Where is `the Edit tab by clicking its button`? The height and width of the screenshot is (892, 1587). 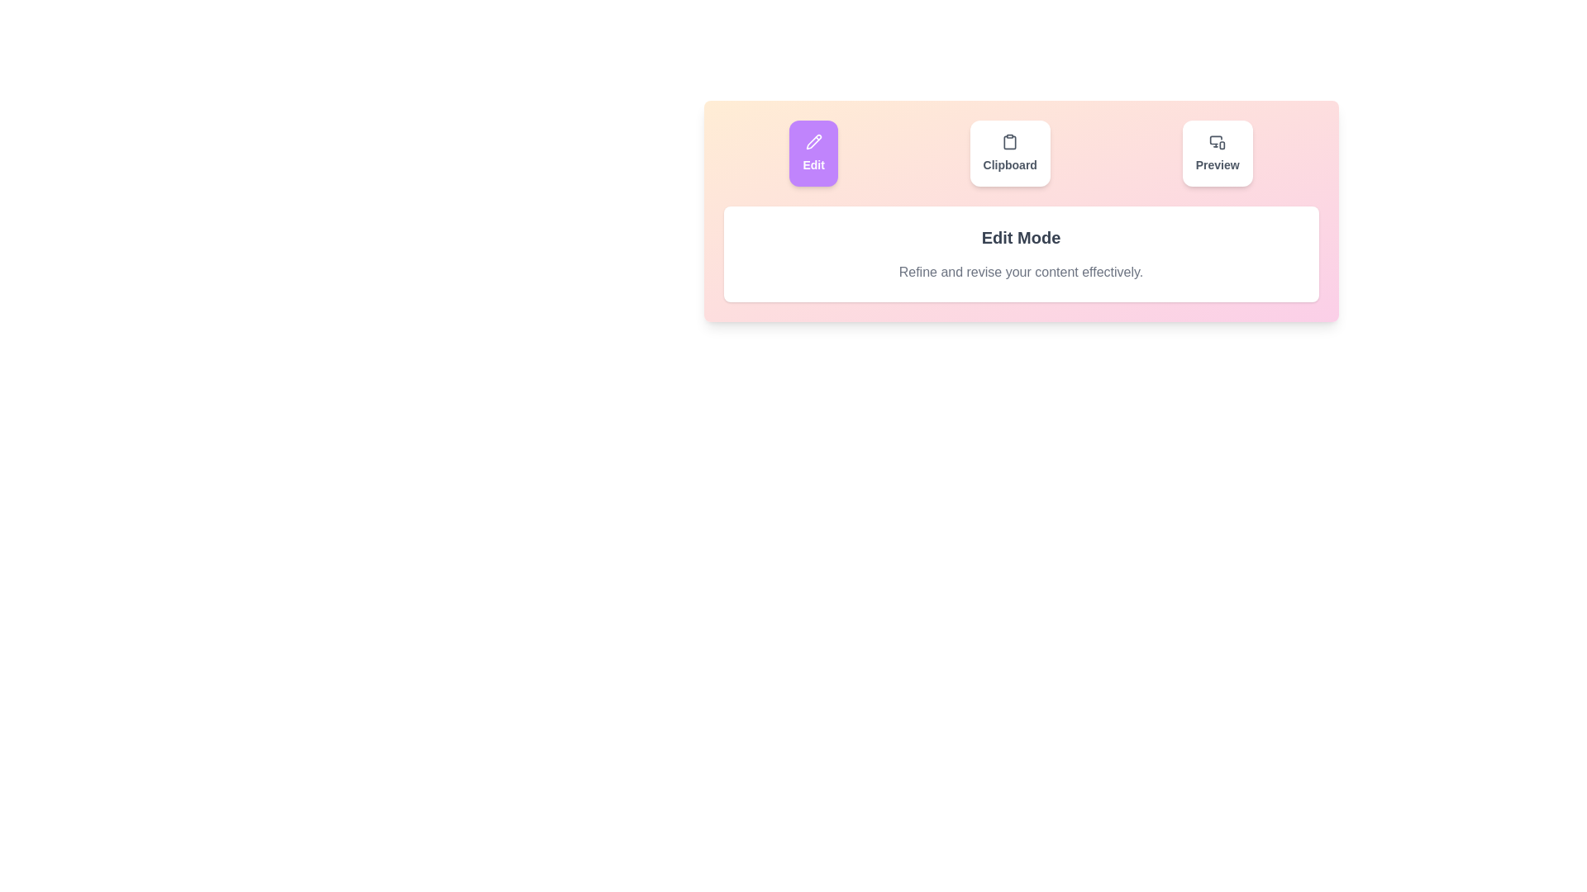 the Edit tab by clicking its button is located at coordinates (813, 153).